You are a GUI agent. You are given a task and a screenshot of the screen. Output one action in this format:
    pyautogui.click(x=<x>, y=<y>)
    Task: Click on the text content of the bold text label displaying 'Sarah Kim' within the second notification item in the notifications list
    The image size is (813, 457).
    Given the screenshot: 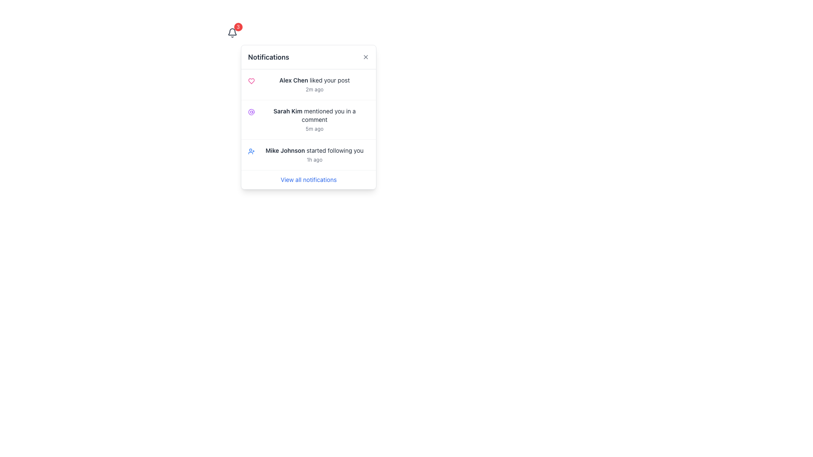 What is the action you would take?
    pyautogui.click(x=288, y=110)
    